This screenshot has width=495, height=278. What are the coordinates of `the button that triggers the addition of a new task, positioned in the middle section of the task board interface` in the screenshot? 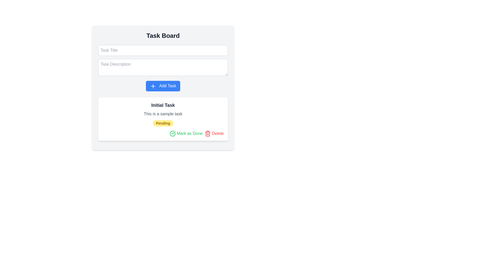 It's located at (163, 87).